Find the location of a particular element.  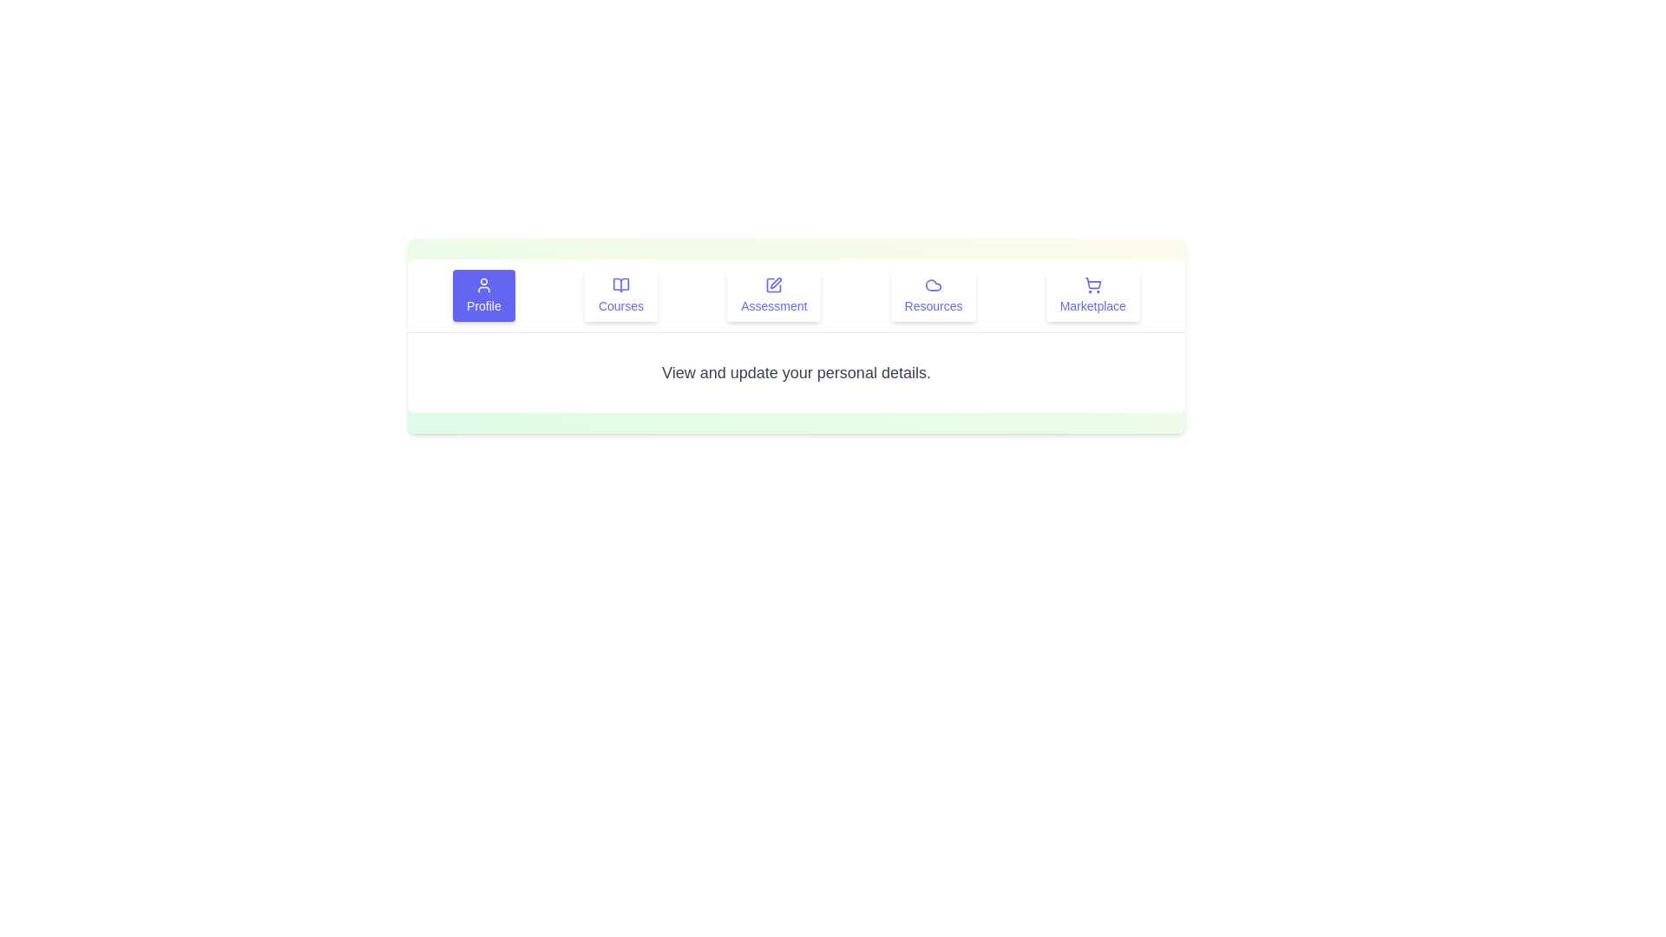

the 'Resources' button located fourth from the left in the horizontal navigation bar is located at coordinates (932, 294).